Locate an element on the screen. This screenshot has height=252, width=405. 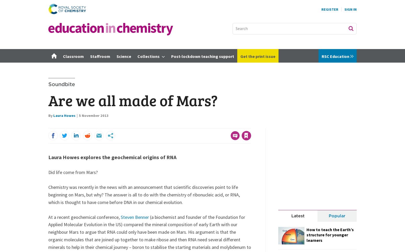
'Did life come from Mars?' is located at coordinates (73, 172).